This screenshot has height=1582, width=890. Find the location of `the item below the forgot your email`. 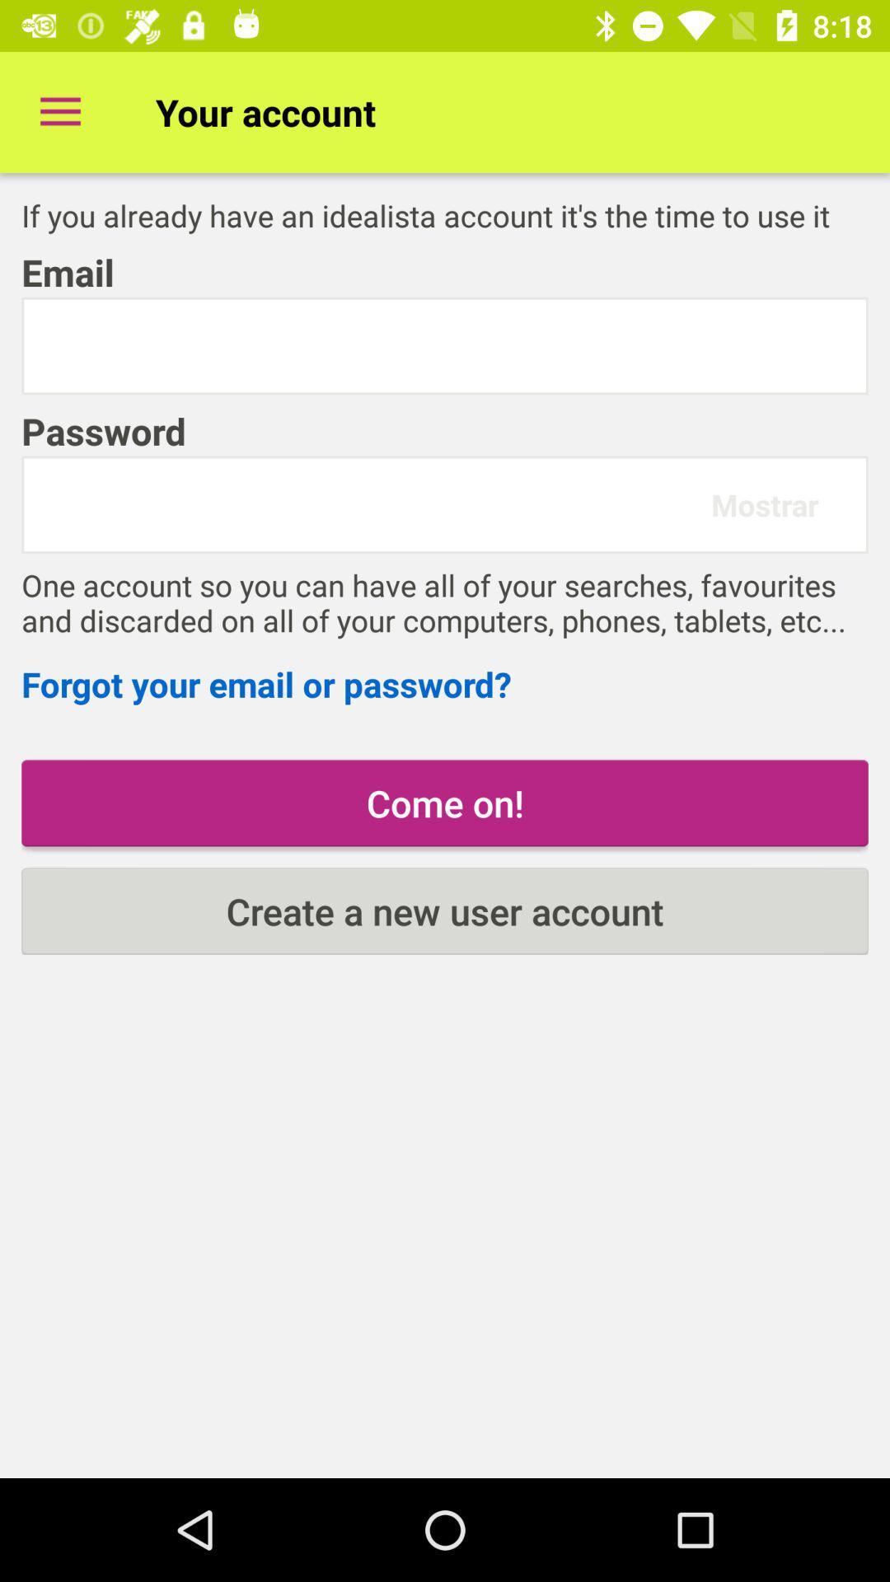

the item below the forgot your email is located at coordinates (445, 803).